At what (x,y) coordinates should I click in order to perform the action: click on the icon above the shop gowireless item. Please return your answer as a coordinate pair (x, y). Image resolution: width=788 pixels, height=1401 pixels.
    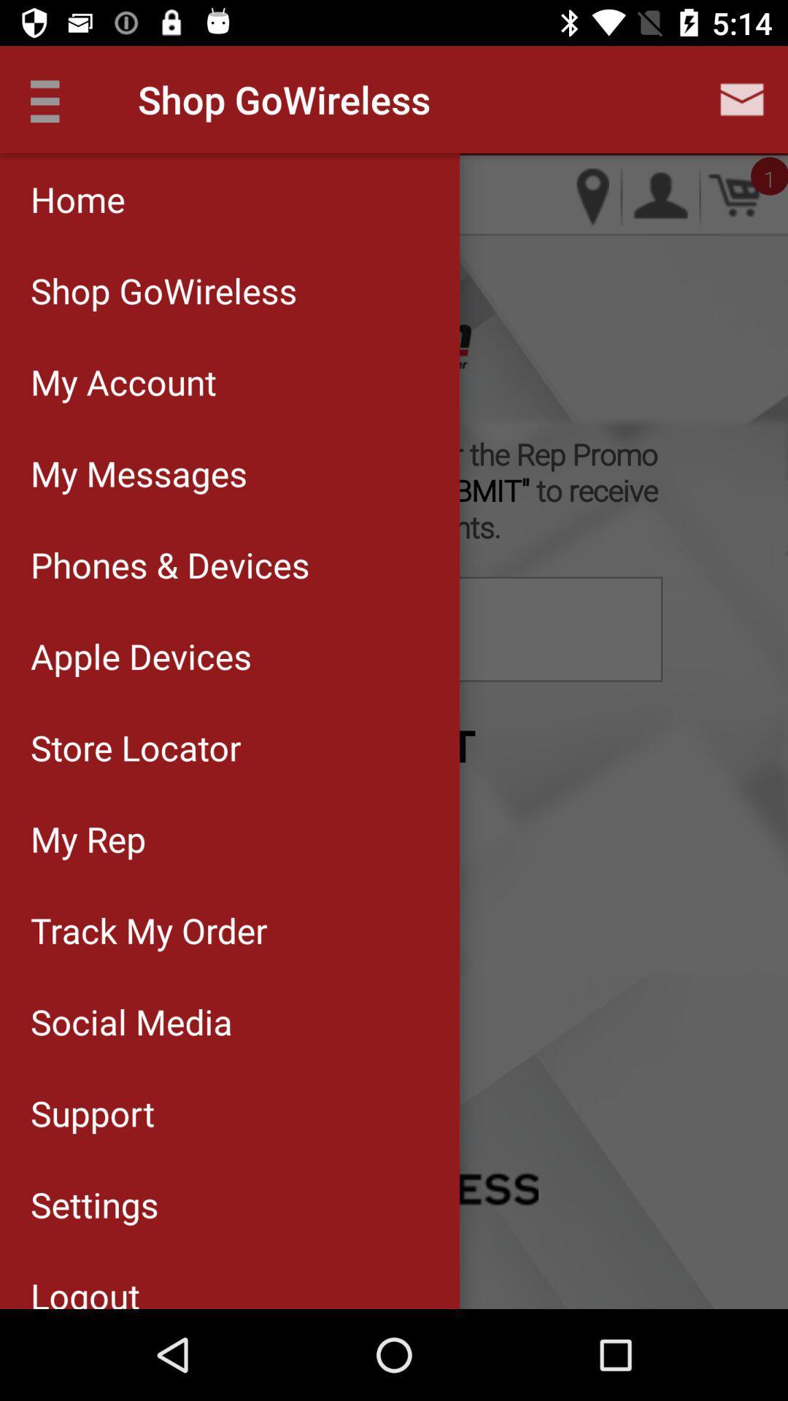
    Looking at the image, I should click on (230, 198).